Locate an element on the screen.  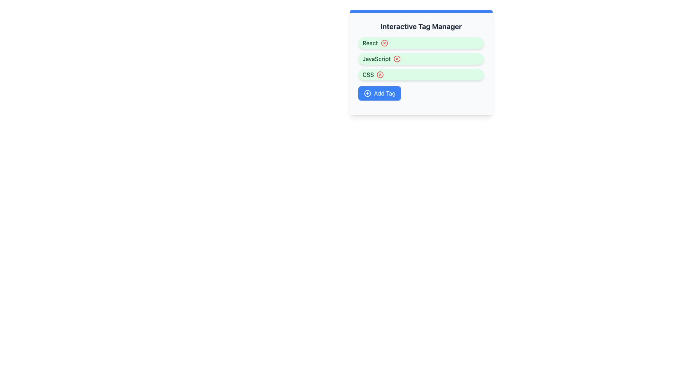
the third tag element with a light green background and a bold 'CSS' label, which includes a red 'X' button for removal, to observe the interaction of the 'X' button is located at coordinates (421, 75).